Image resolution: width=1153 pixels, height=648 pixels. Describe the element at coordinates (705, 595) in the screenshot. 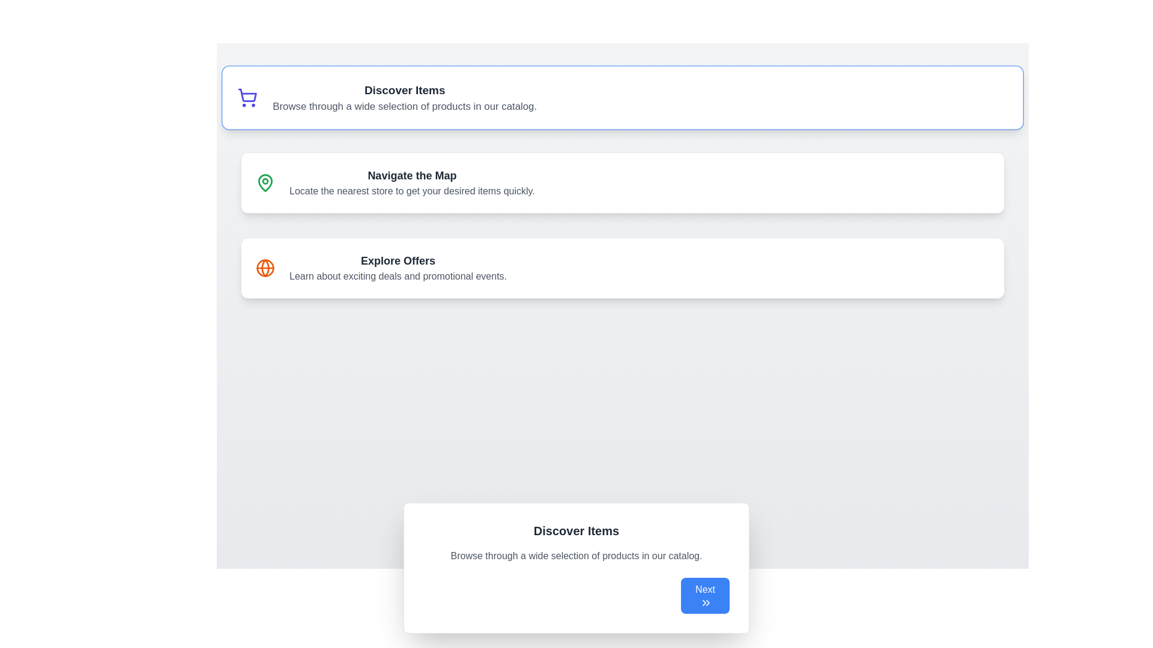

I see `the button located in the bottom-right region of the modal window, below the 'Discover Items' text, to trigger a visual state change` at that location.